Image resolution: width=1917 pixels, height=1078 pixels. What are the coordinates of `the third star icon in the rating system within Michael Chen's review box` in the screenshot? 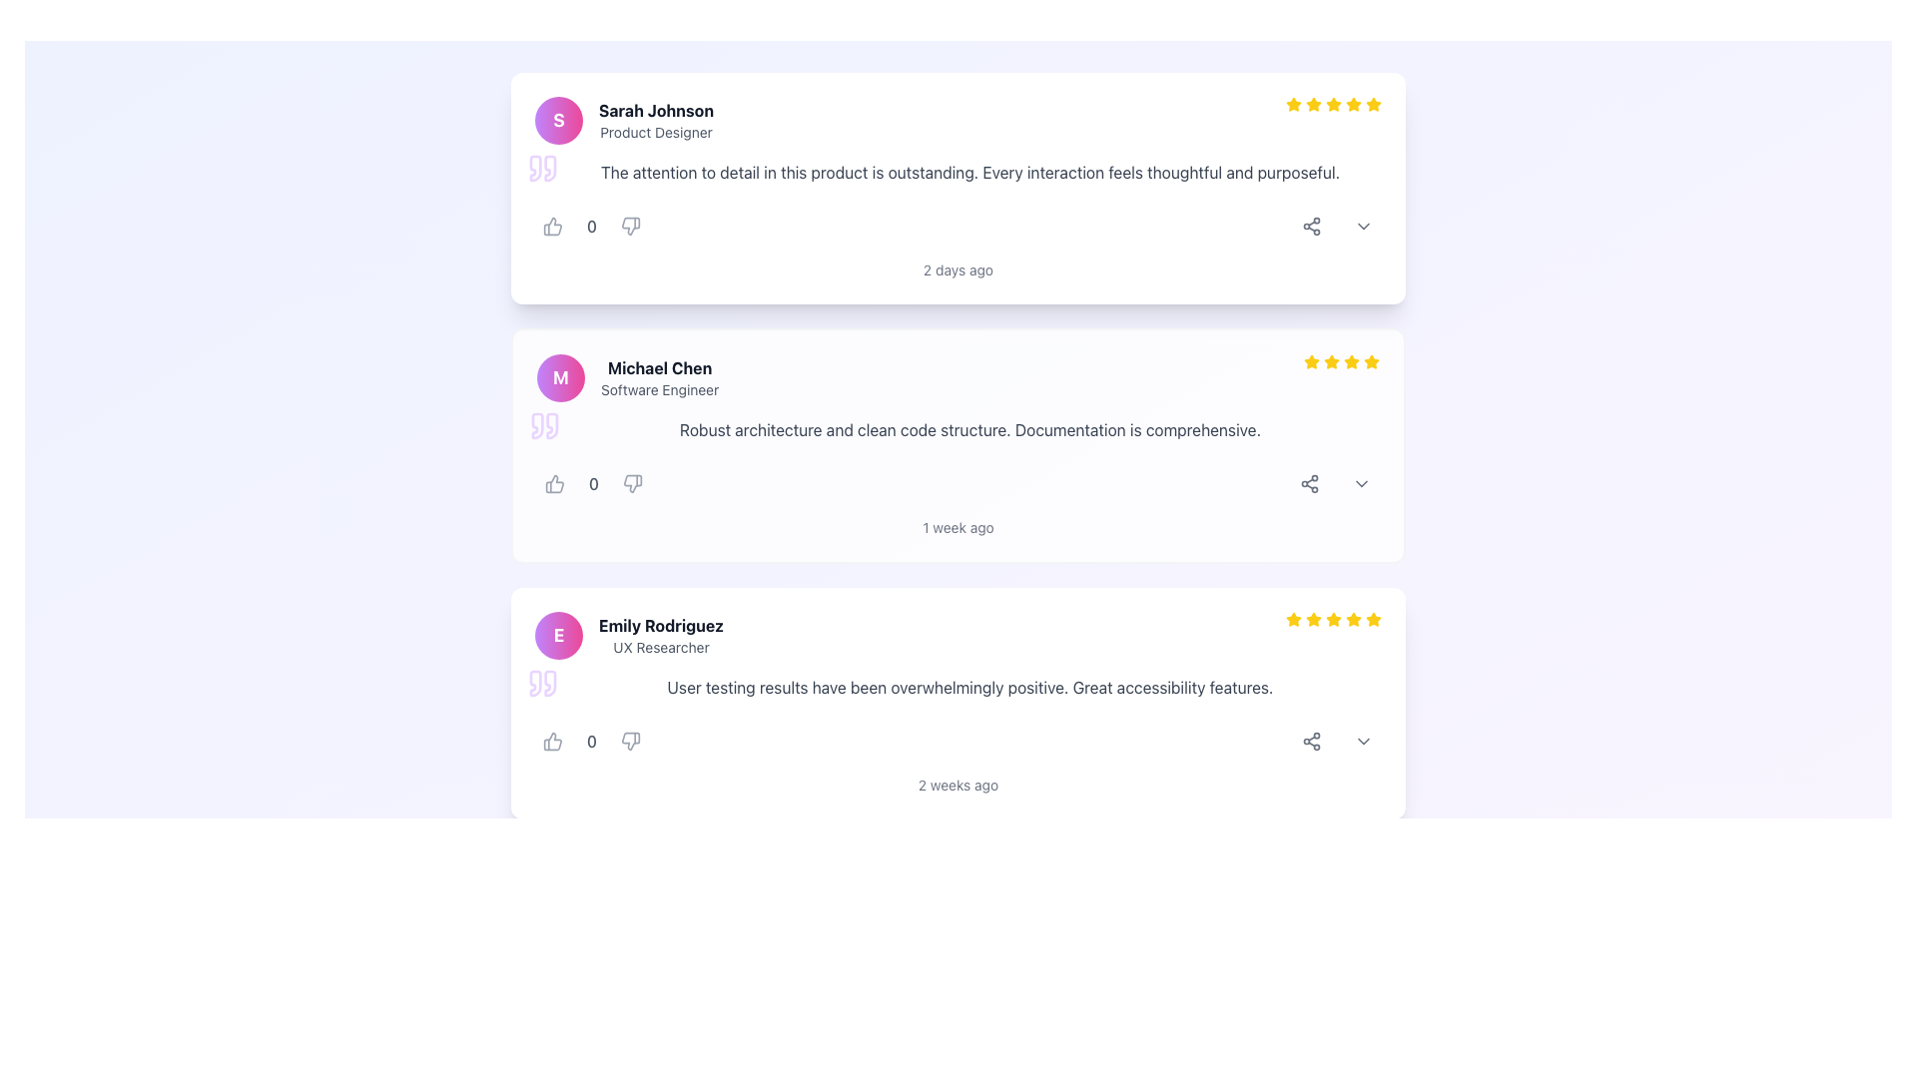 It's located at (1332, 361).